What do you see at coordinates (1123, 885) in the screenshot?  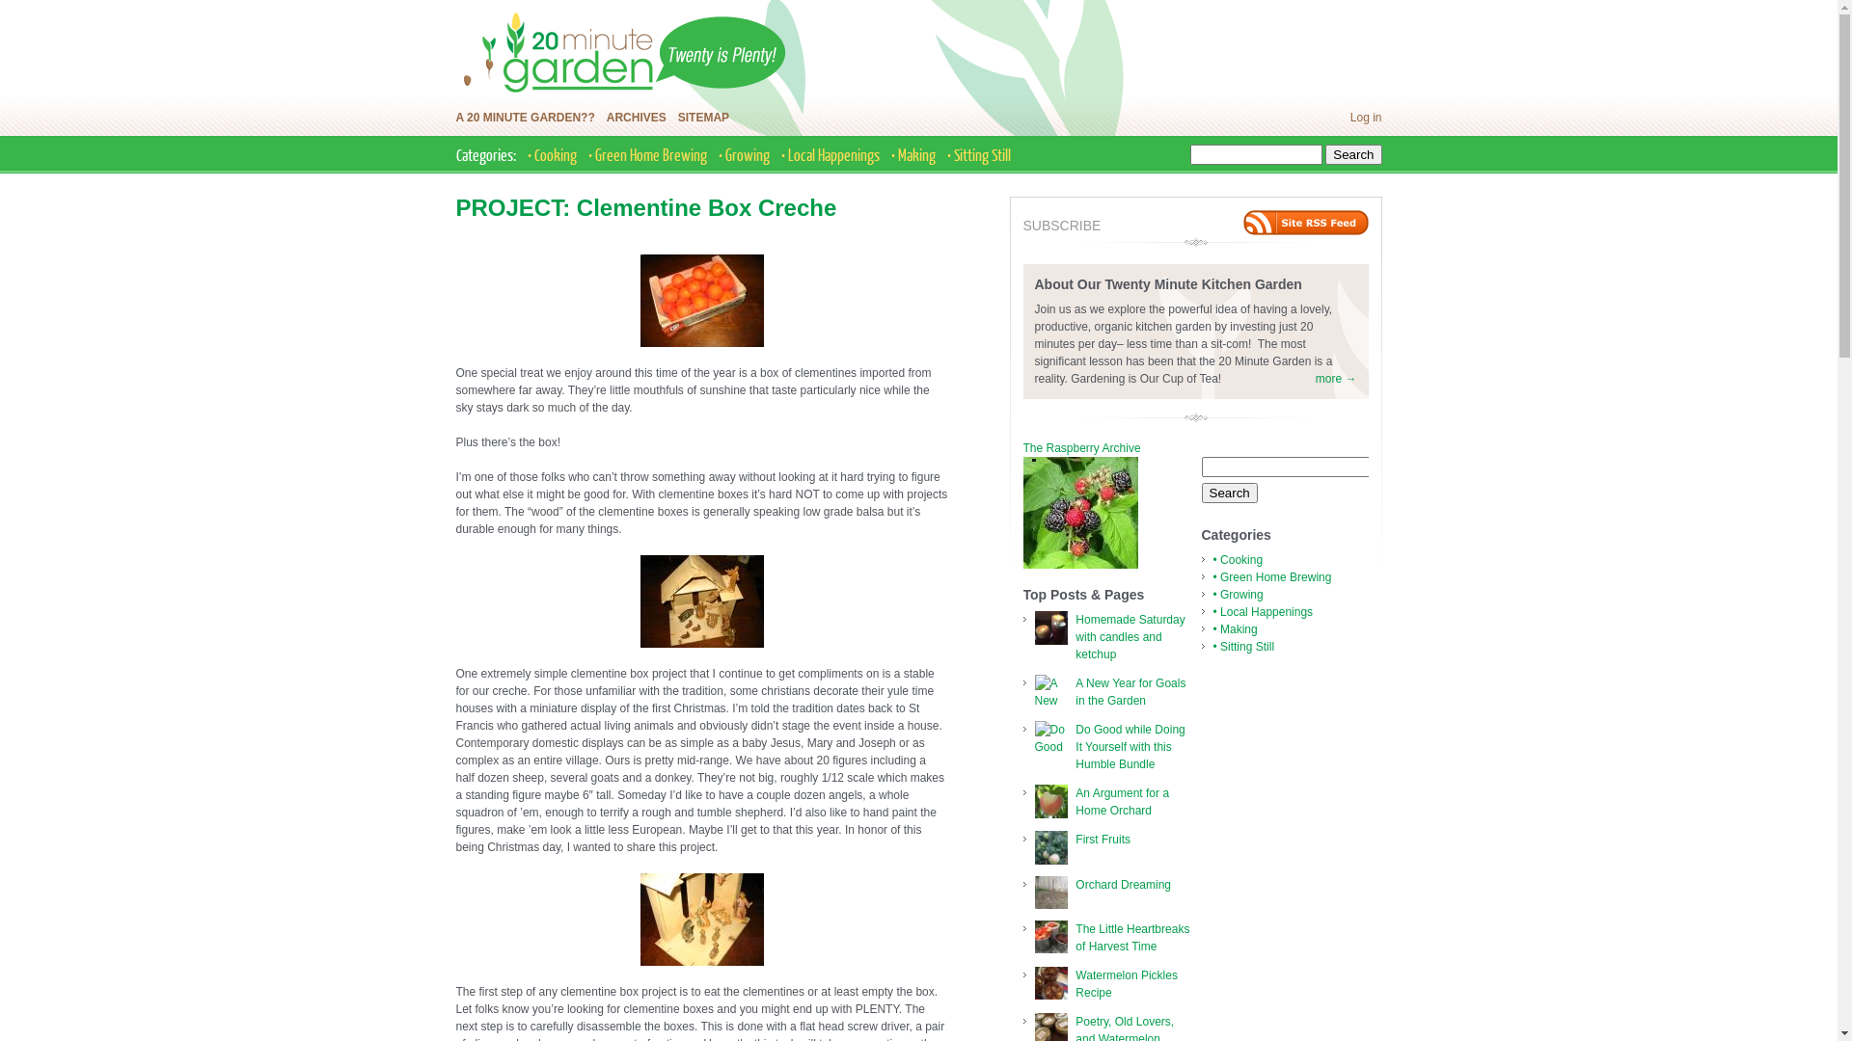 I see `'Orchard Dreaming'` at bounding box center [1123, 885].